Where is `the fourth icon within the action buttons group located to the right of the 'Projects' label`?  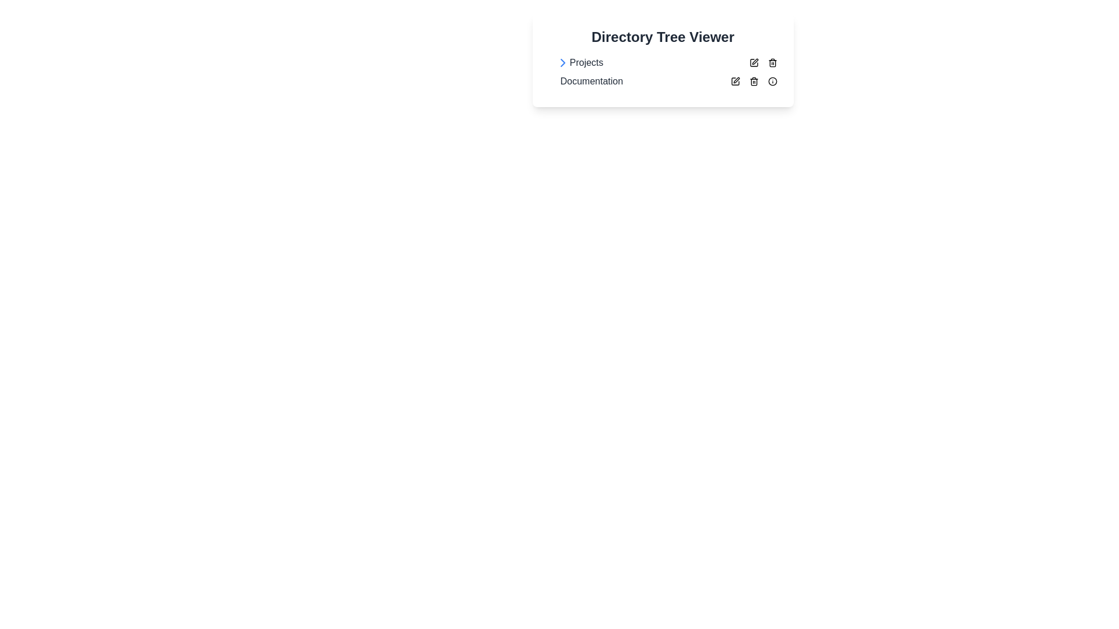 the fourth icon within the action buttons group located to the right of the 'Projects' label is located at coordinates (763, 63).